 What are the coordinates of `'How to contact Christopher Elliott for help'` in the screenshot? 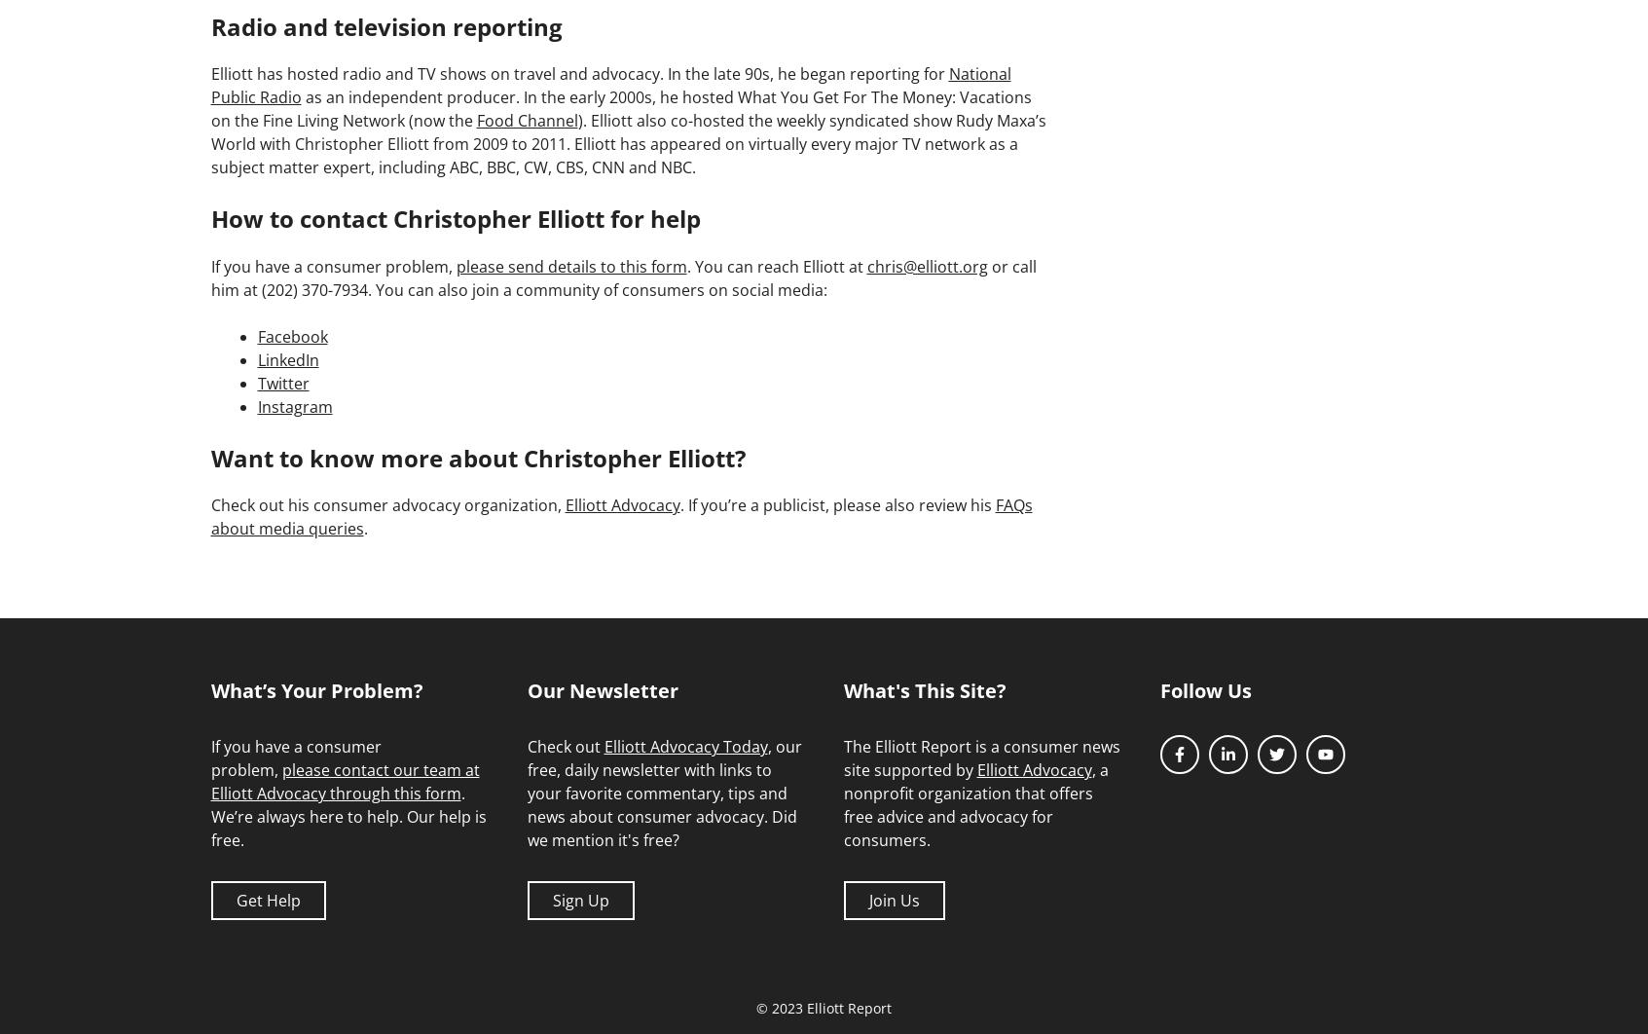 It's located at (210, 218).